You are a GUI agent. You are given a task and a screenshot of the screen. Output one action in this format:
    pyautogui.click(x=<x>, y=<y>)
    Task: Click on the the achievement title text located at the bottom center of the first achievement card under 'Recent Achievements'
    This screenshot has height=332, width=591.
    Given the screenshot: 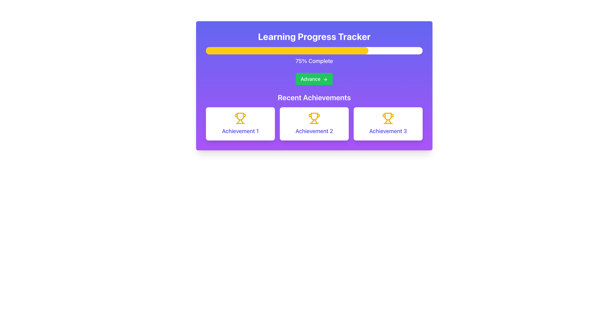 What is the action you would take?
    pyautogui.click(x=240, y=131)
    